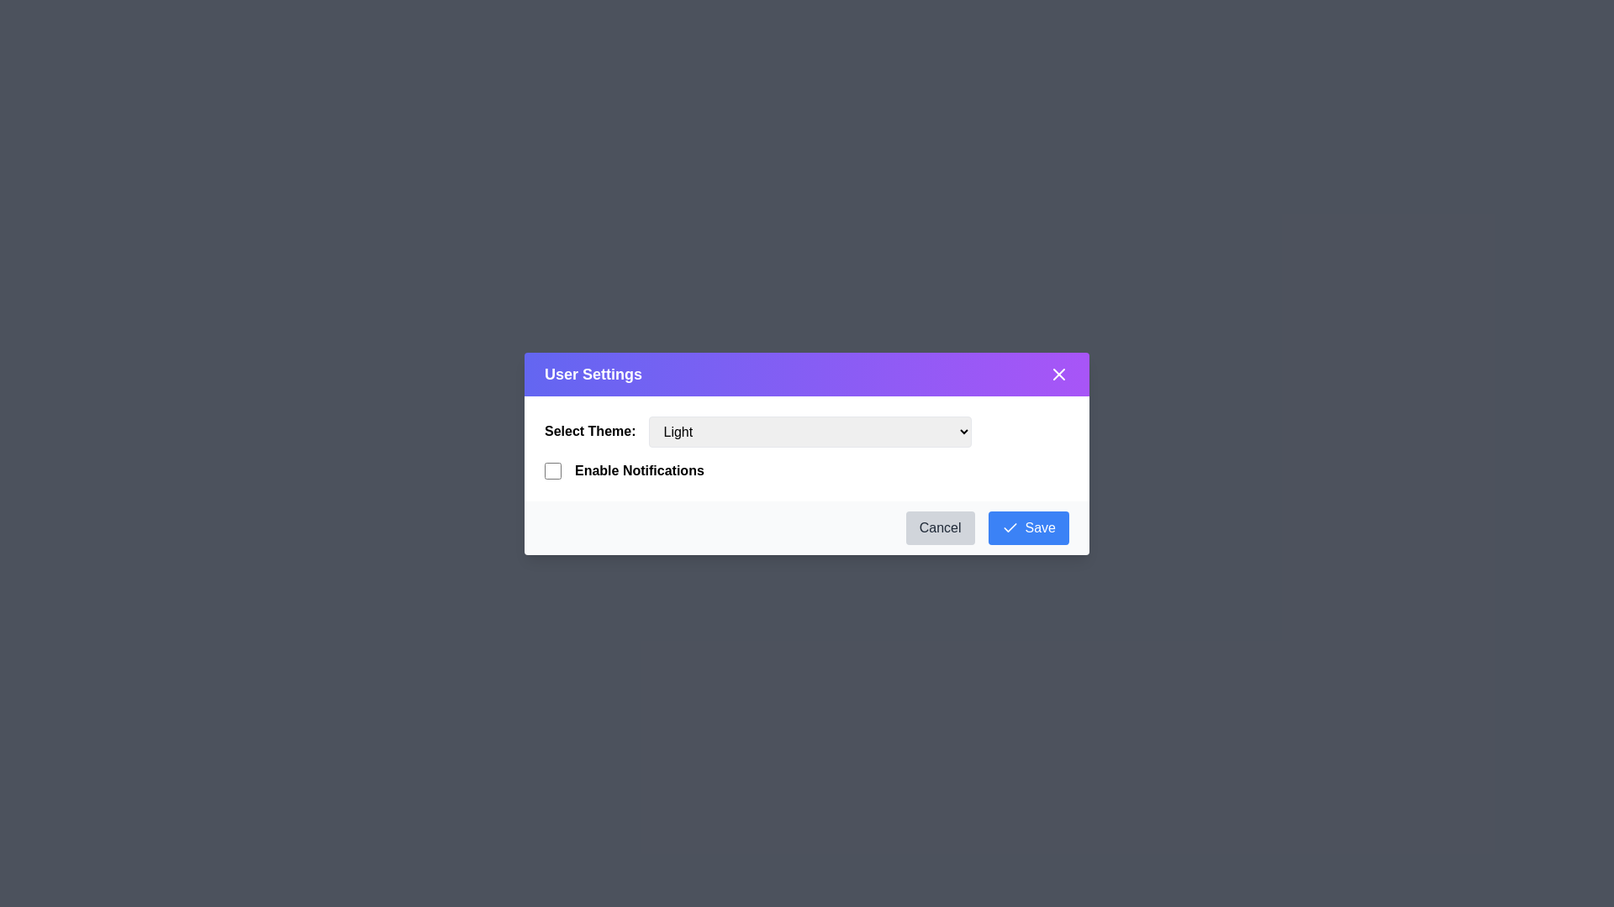  Describe the element at coordinates (552, 470) in the screenshot. I see `the 'Enable Notifications' checkbox to toggle its state` at that location.